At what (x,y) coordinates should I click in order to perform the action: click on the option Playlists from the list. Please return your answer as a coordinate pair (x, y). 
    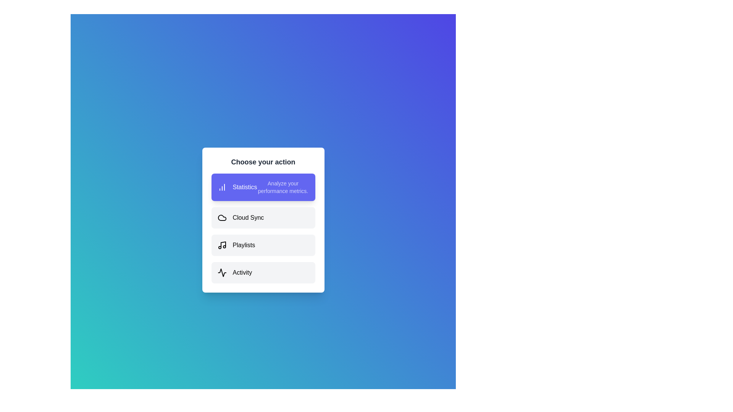
    Looking at the image, I should click on (263, 245).